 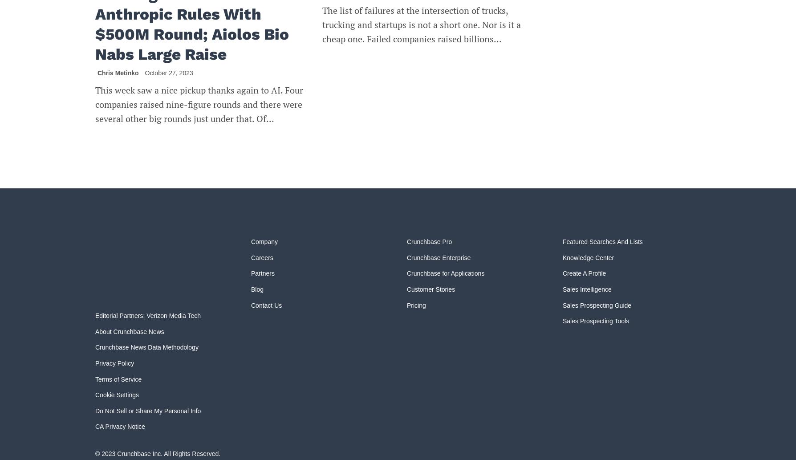 I want to click on 'Do Not Sell or Share My Personal Info', so click(x=95, y=410).